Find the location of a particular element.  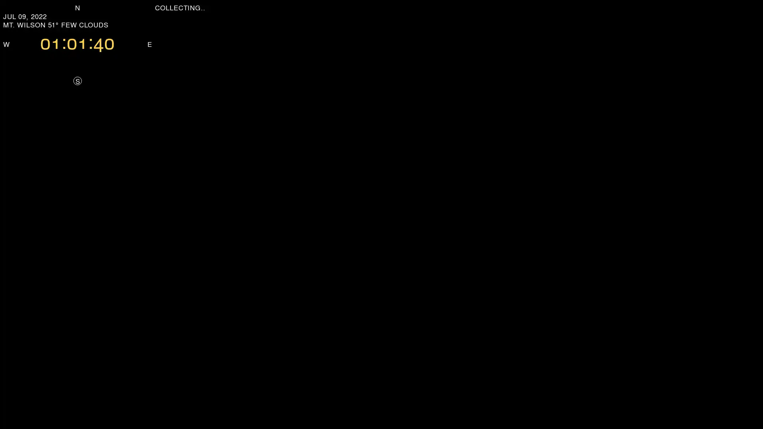

E is located at coordinates (149, 44).